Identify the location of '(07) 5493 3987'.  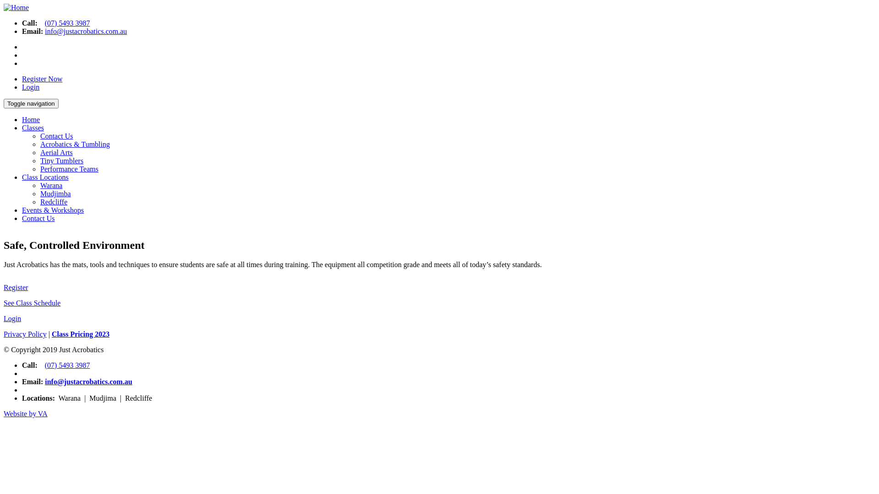
(67, 365).